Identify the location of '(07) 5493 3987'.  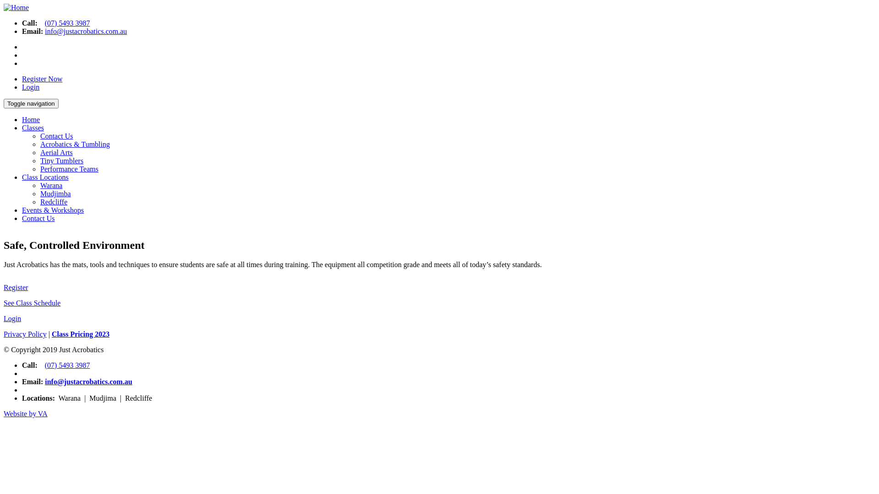
(67, 365).